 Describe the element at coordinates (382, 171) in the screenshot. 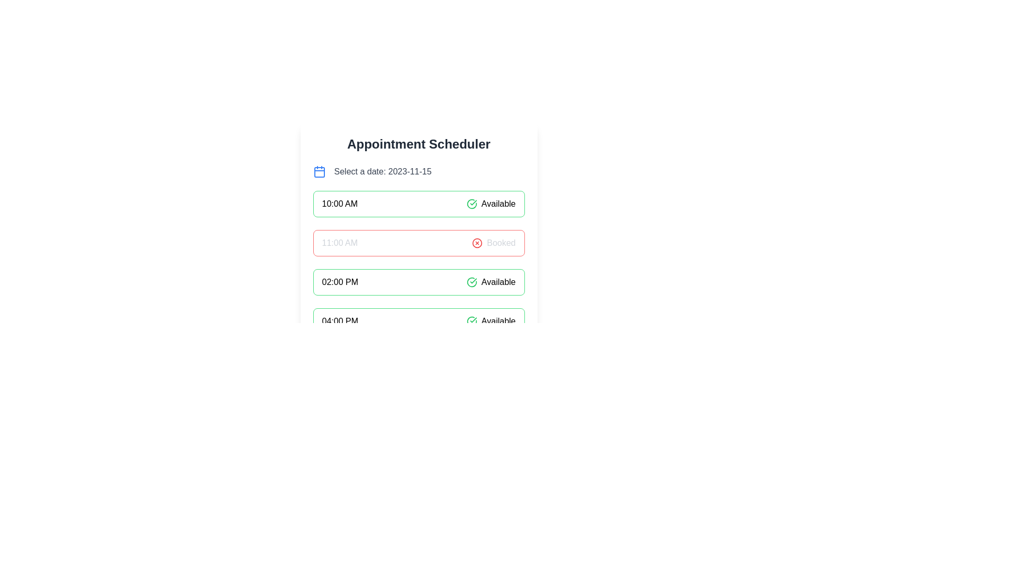

I see `the Text Label that indicates the currently selected date in the date-picker interface, located below the heading 'Appointment Scheduler' and aligned with a calendar icon` at that location.